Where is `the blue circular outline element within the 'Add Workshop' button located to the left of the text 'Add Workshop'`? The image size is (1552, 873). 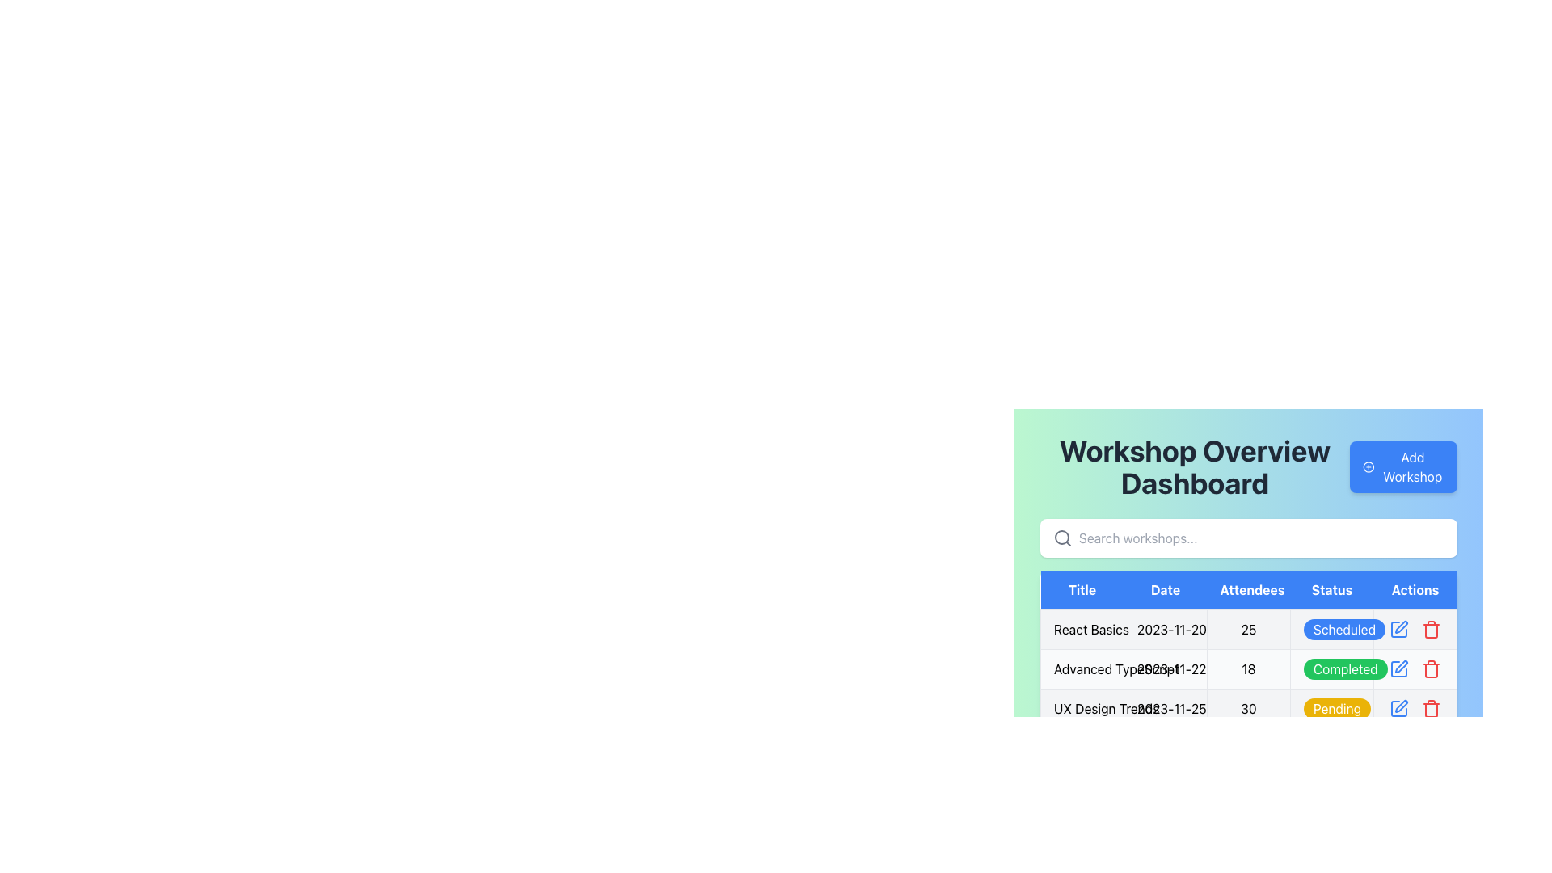
the blue circular outline element within the 'Add Workshop' button located to the left of the text 'Add Workshop' is located at coordinates (1368, 467).